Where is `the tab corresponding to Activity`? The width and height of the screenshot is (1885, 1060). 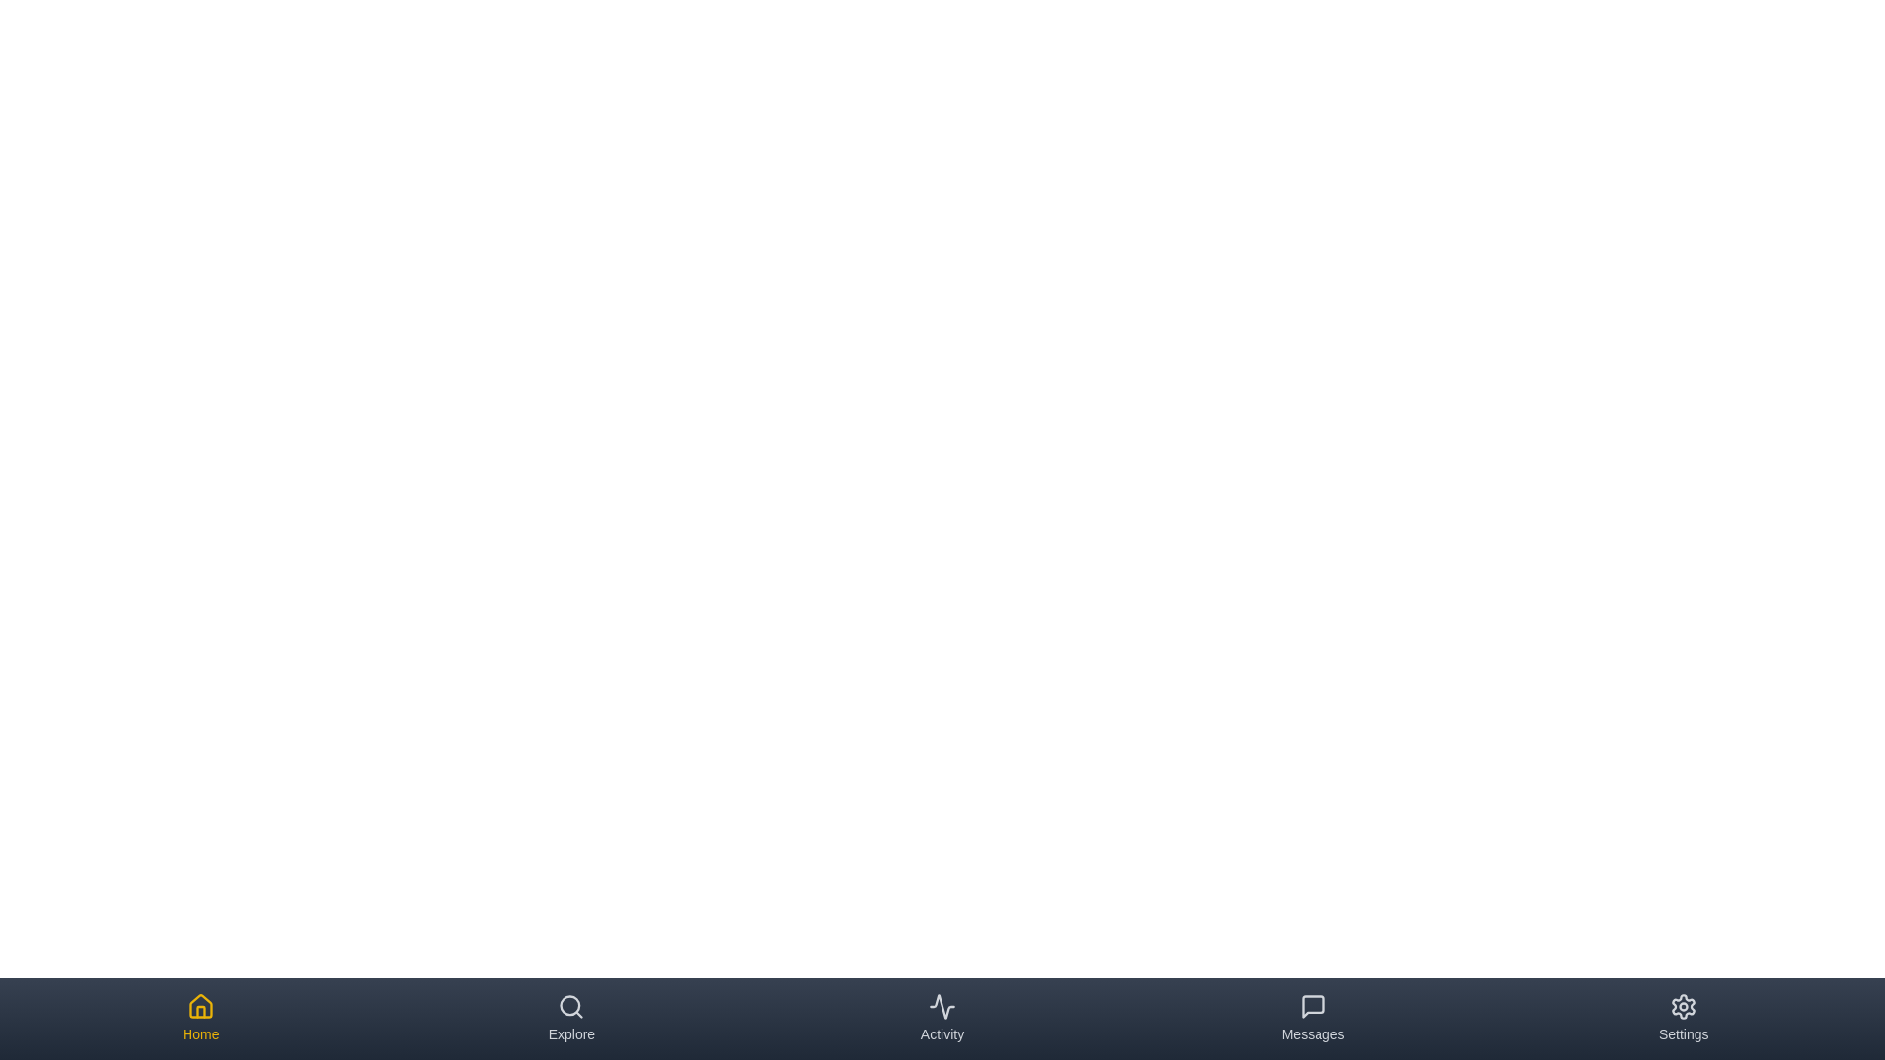
the tab corresponding to Activity is located at coordinates (942, 1017).